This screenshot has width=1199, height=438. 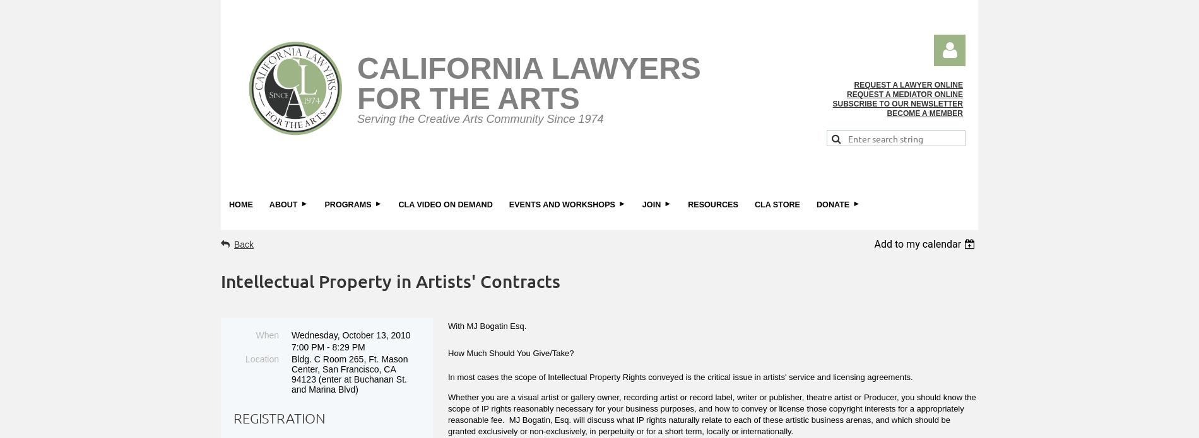 I want to click on 'Programs', so click(x=348, y=204).